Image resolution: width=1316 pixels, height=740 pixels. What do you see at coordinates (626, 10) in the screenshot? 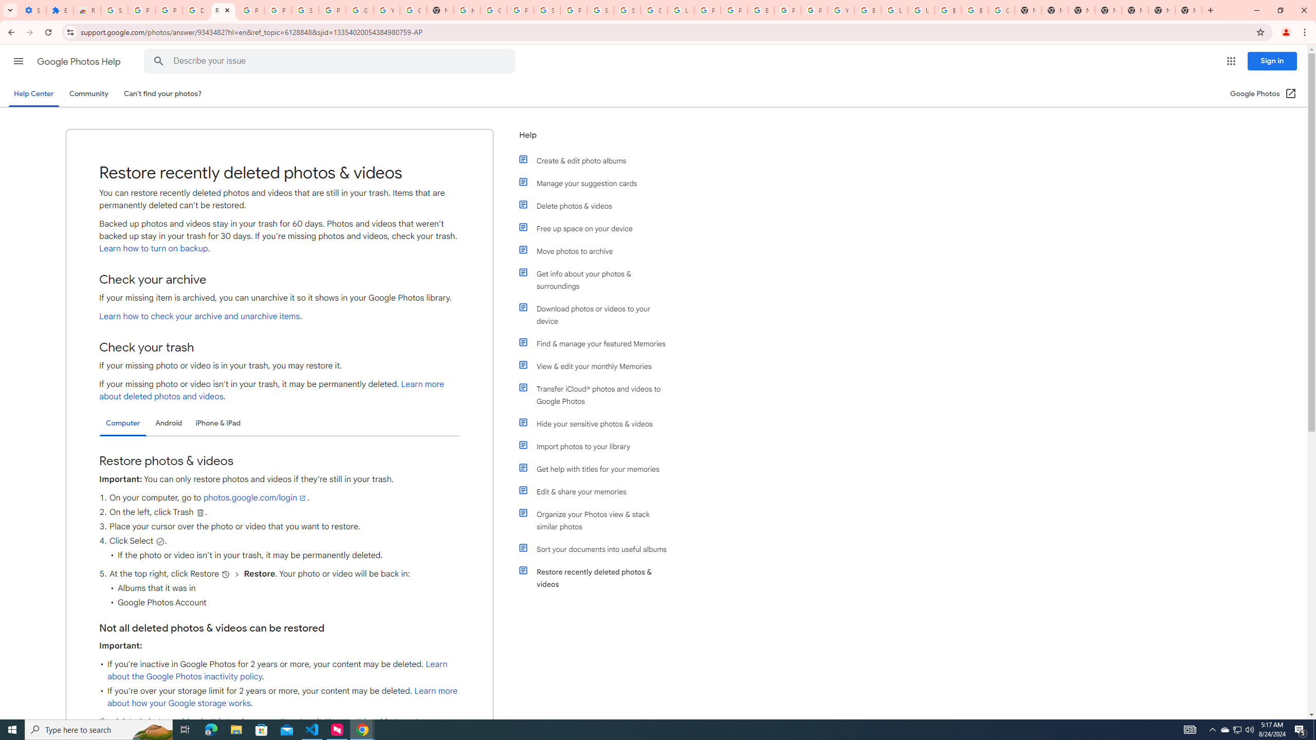
I see `'Sign in - Google Accounts'` at bounding box center [626, 10].